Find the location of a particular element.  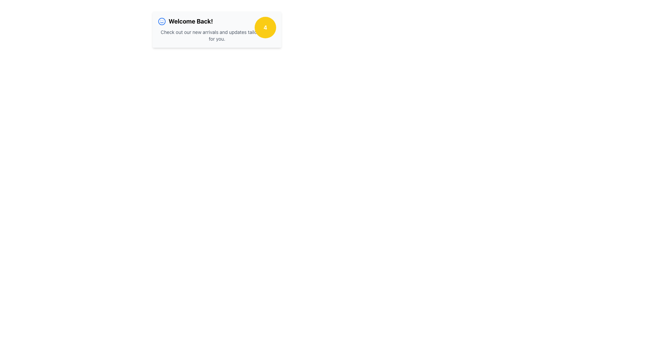

the Text Header element which serves as a welcoming message for the card, located at the top-center next to a blue smiley face icon is located at coordinates (190, 21).